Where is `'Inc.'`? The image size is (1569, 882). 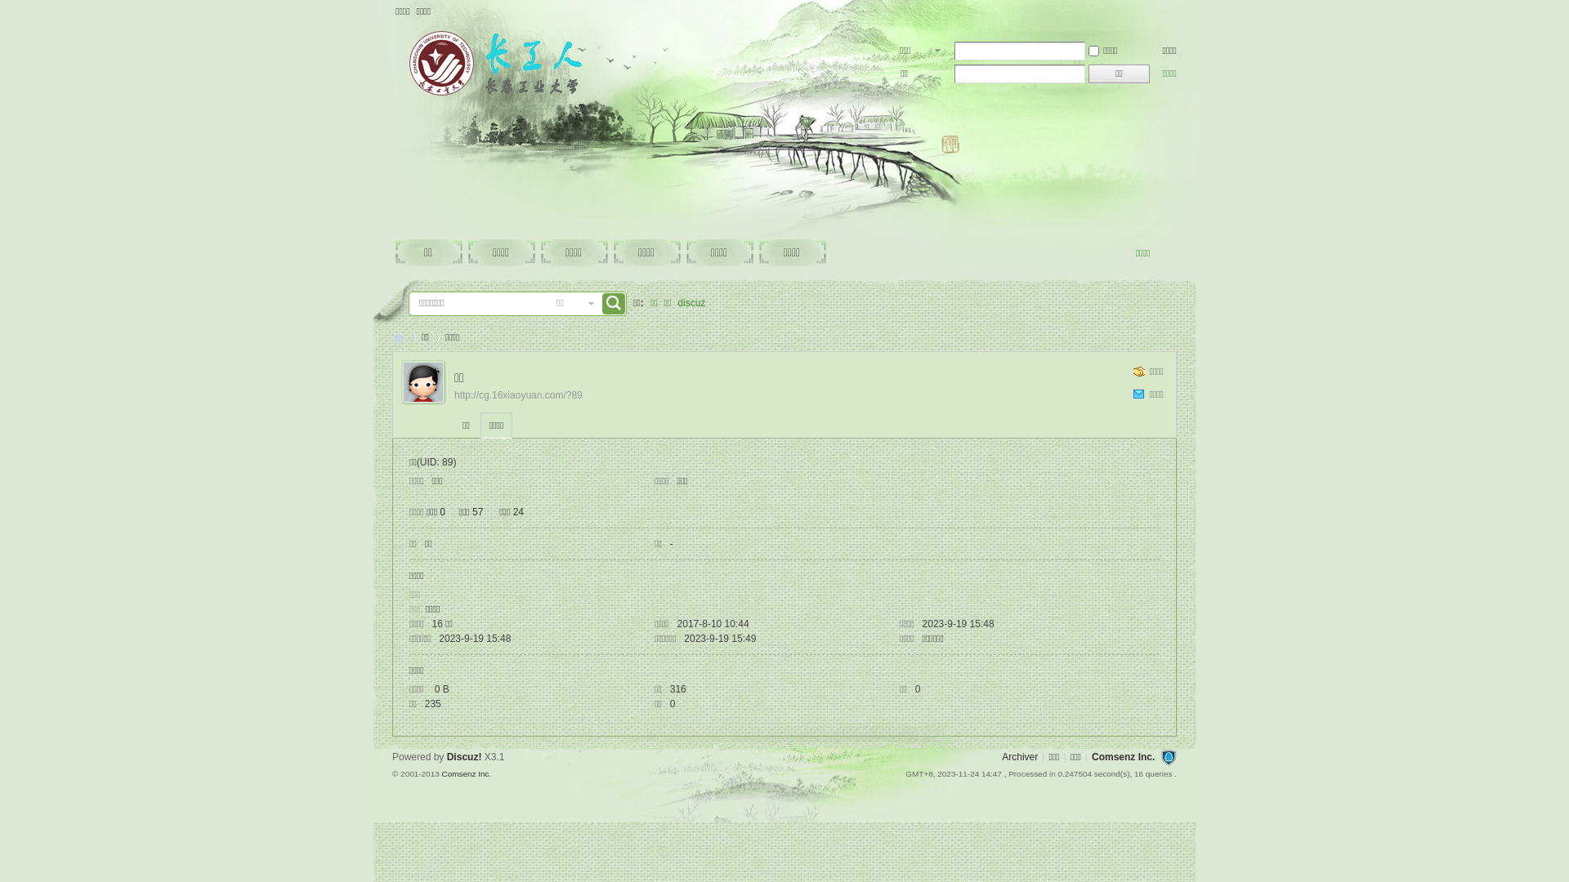 'Inc.' is located at coordinates (477, 773).